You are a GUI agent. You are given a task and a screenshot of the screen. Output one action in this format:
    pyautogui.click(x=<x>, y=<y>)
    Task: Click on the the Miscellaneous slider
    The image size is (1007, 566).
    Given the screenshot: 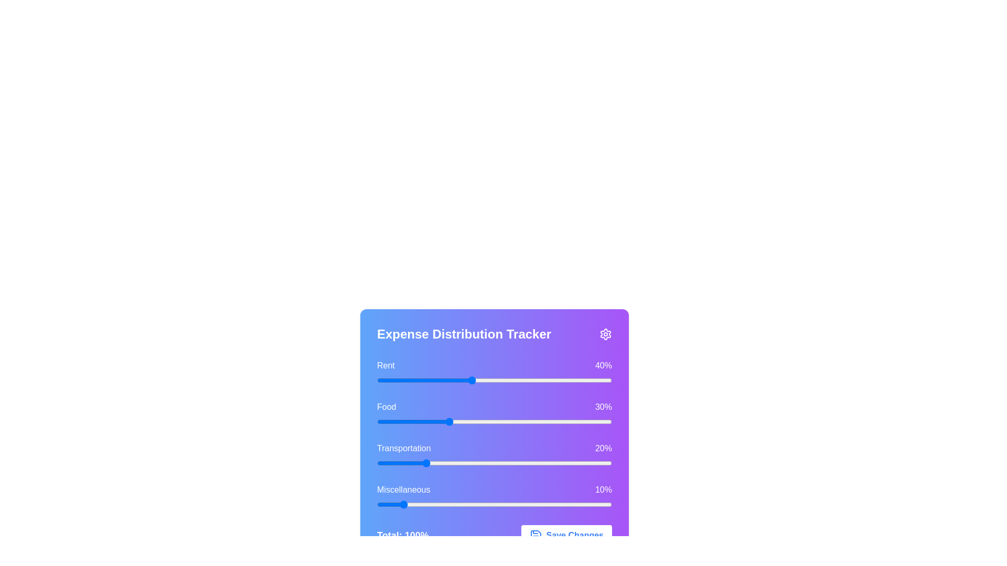 What is the action you would take?
    pyautogui.click(x=379, y=504)
    